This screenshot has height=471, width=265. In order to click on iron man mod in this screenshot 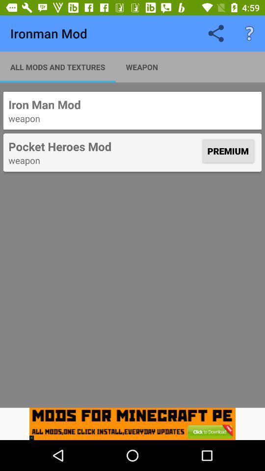, I will do `click(132, 105)`.